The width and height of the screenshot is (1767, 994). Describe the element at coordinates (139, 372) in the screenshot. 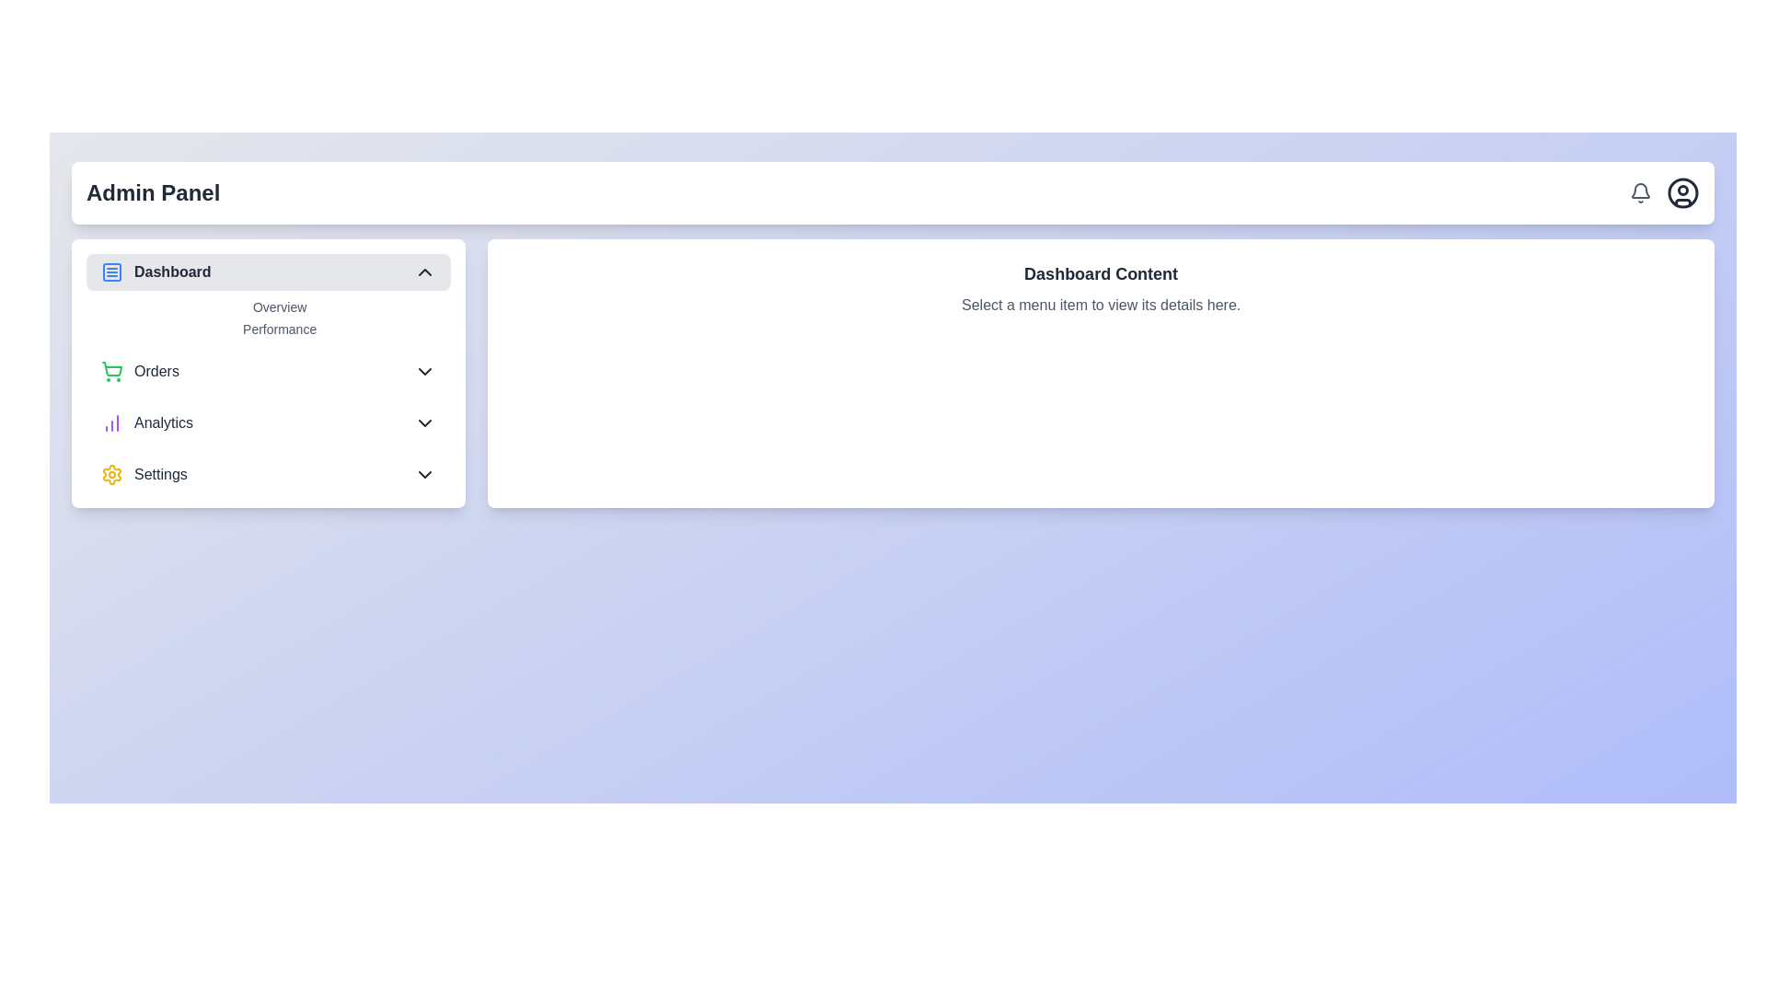

I see `the 'Orders' navigation item, which features a green shopping cart icon followed by bold black text` at that location.